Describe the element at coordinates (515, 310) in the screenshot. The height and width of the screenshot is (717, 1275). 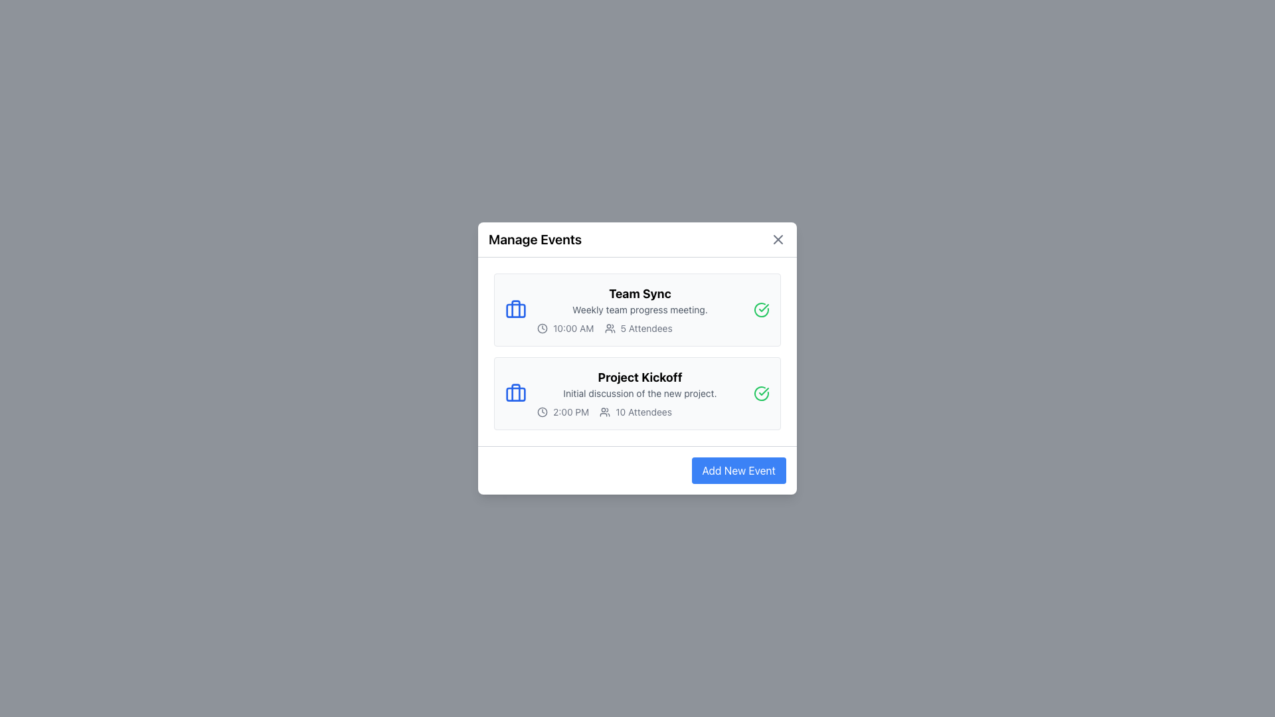
I see `the decorative vector rectangle element, which is a small, horizontally rectangular shape with rounded corners, located within the light blue briefcase icon to the left of the text 'Project Kickoff' in the 'Manage Events' dialog` at that location.